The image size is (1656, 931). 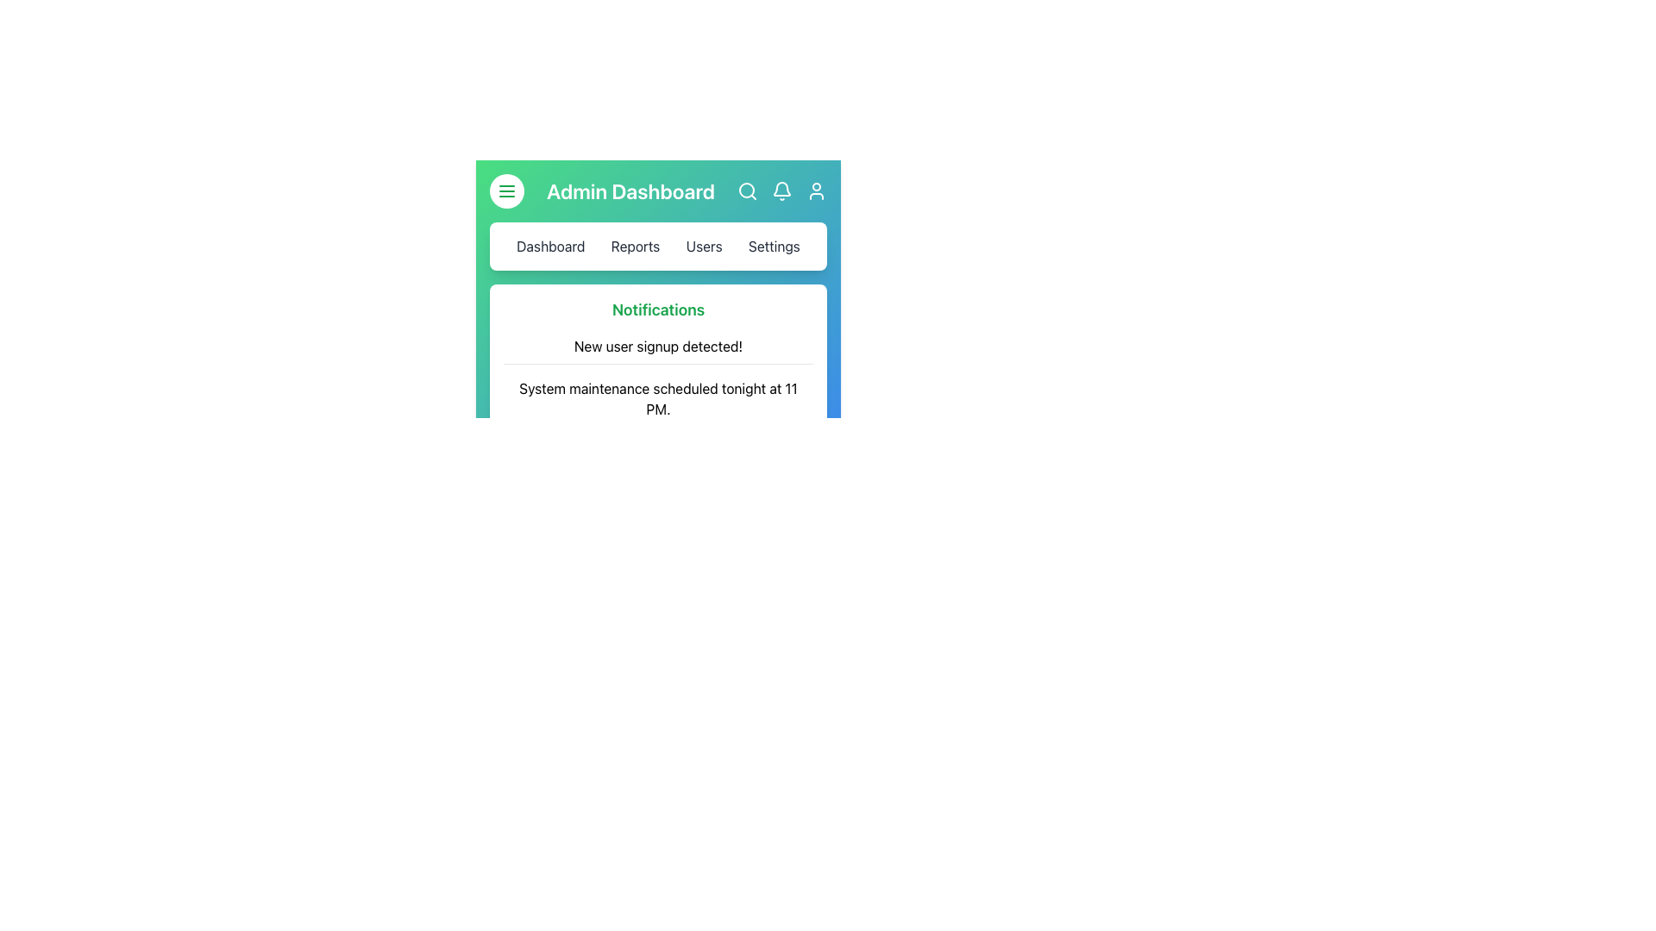 What do you see at coordinates (657, 399) in the screenshot?
I see `the second notification item in the Notifications list that notifies the user about scheduled system maintenance, located between 'New user signup detected!' and 'Backup completed successfully yesterday.'` at bounding box center [657, 399].